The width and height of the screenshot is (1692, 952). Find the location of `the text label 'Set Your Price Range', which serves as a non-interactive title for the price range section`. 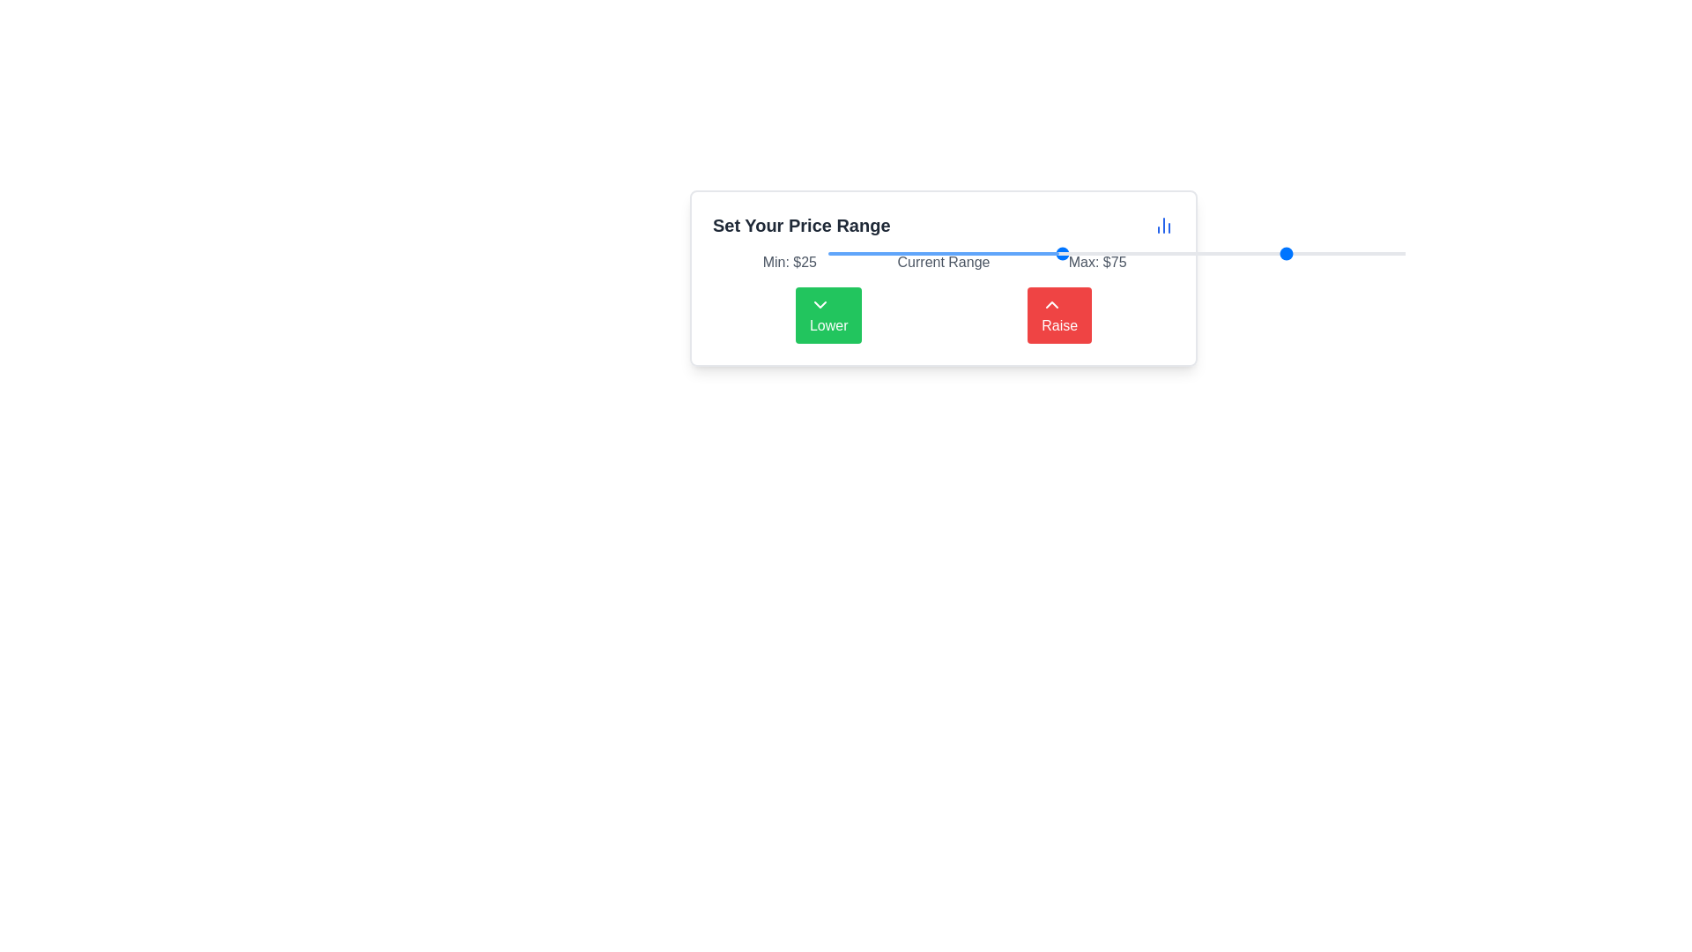

the text label 'Set Your Price Range', which serves as a non-interactive title for the price range section is located at coordinates (800, 224).